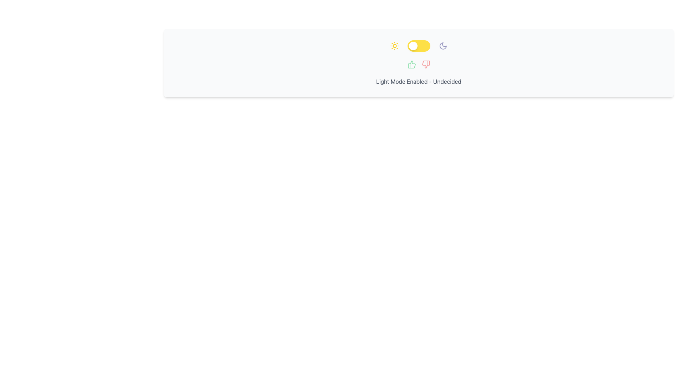 This screenshot has width=684, height=385. Describe the element at coordinates (426, 65) in the screenshot. I see `the negative feedback icon located to the right of the green thumbs-up icon, centered horizontally and positioned at the bottom half of the header to provide negative feedback` at that location.